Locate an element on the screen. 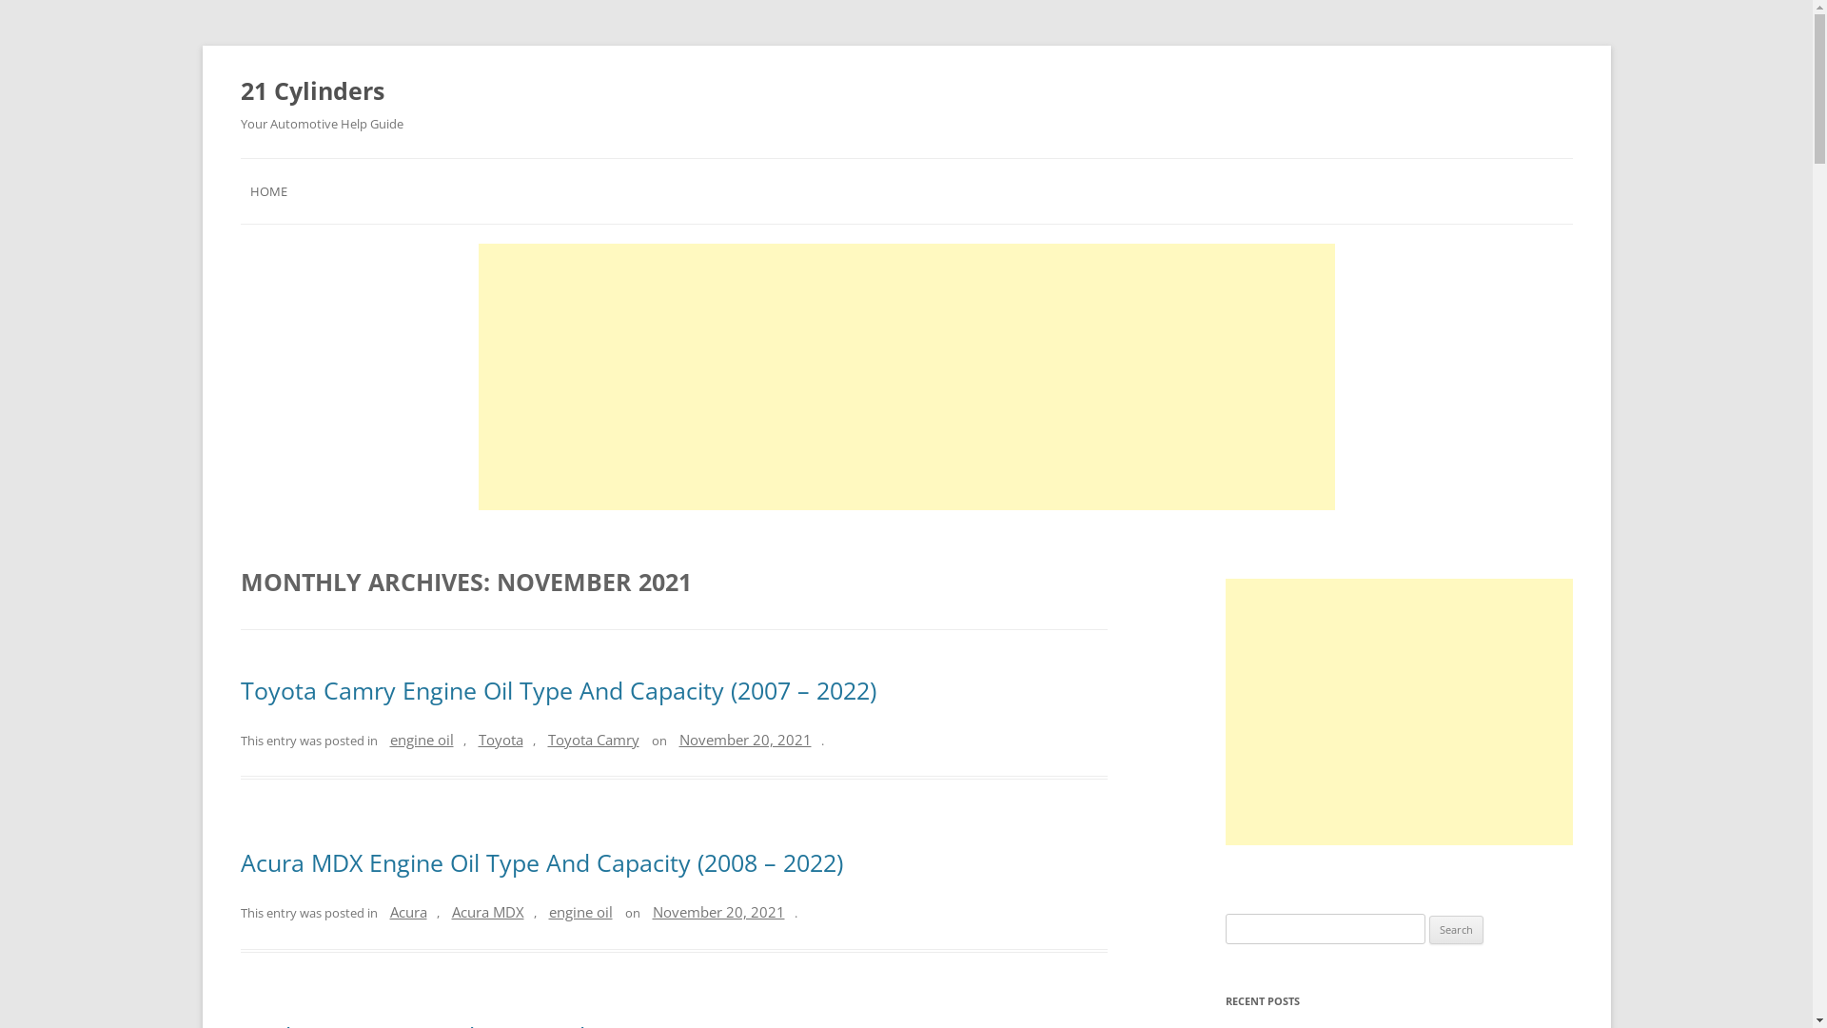 The image size is (1827, 1028). '21 Cylinders' is located at coordinates (311, 90).